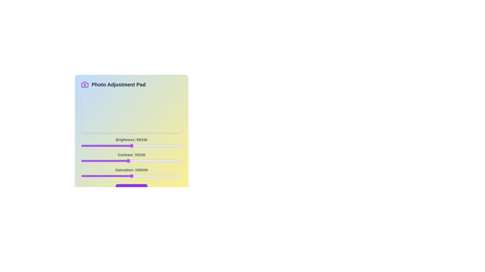 The image size is (485, 272). Describe the element at coordinates (132, 112) in the screenshot. I see `the image preview area to inspect it` at that location.